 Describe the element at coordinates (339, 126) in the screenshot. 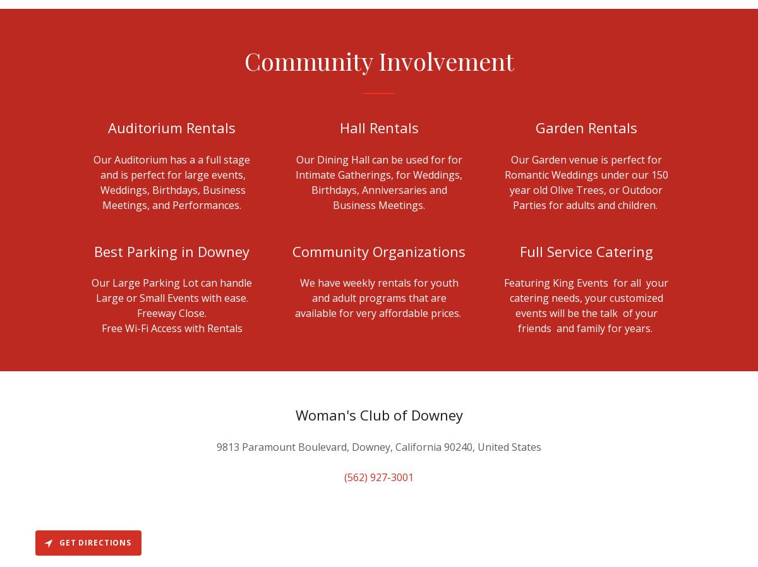

I see `'Hall Rentals'` at that location.